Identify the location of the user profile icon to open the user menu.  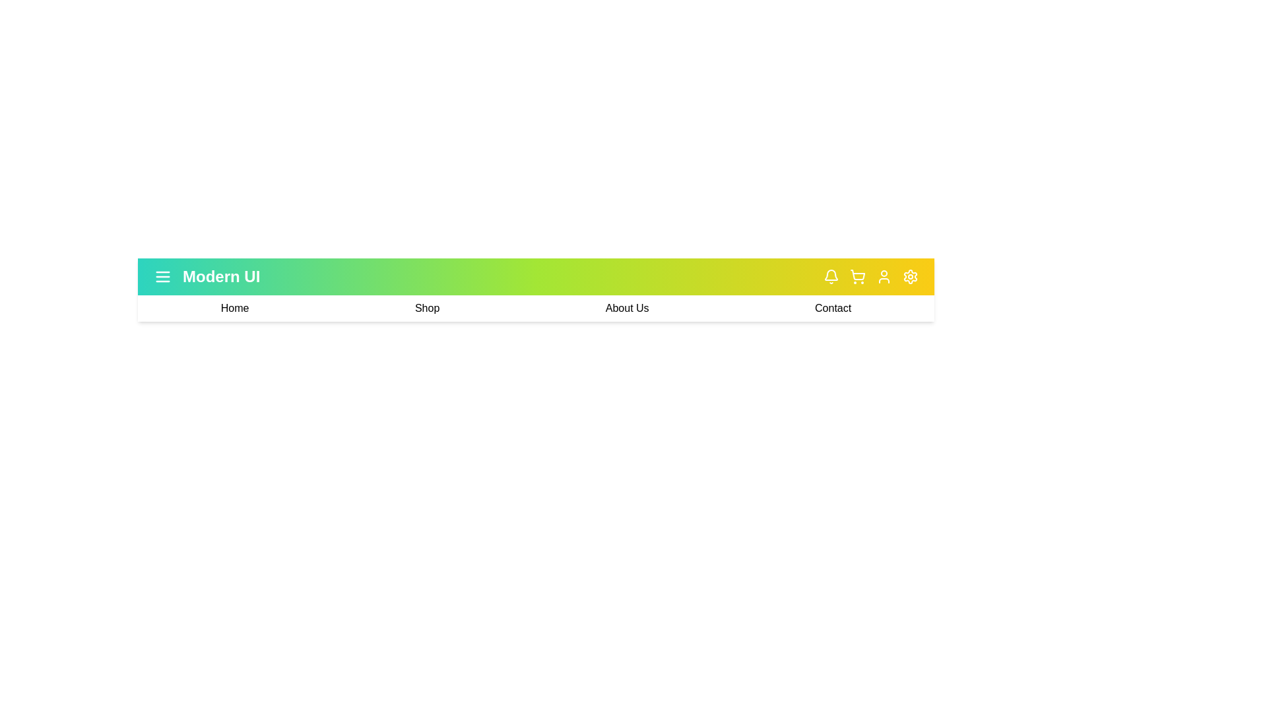
(884, 276).